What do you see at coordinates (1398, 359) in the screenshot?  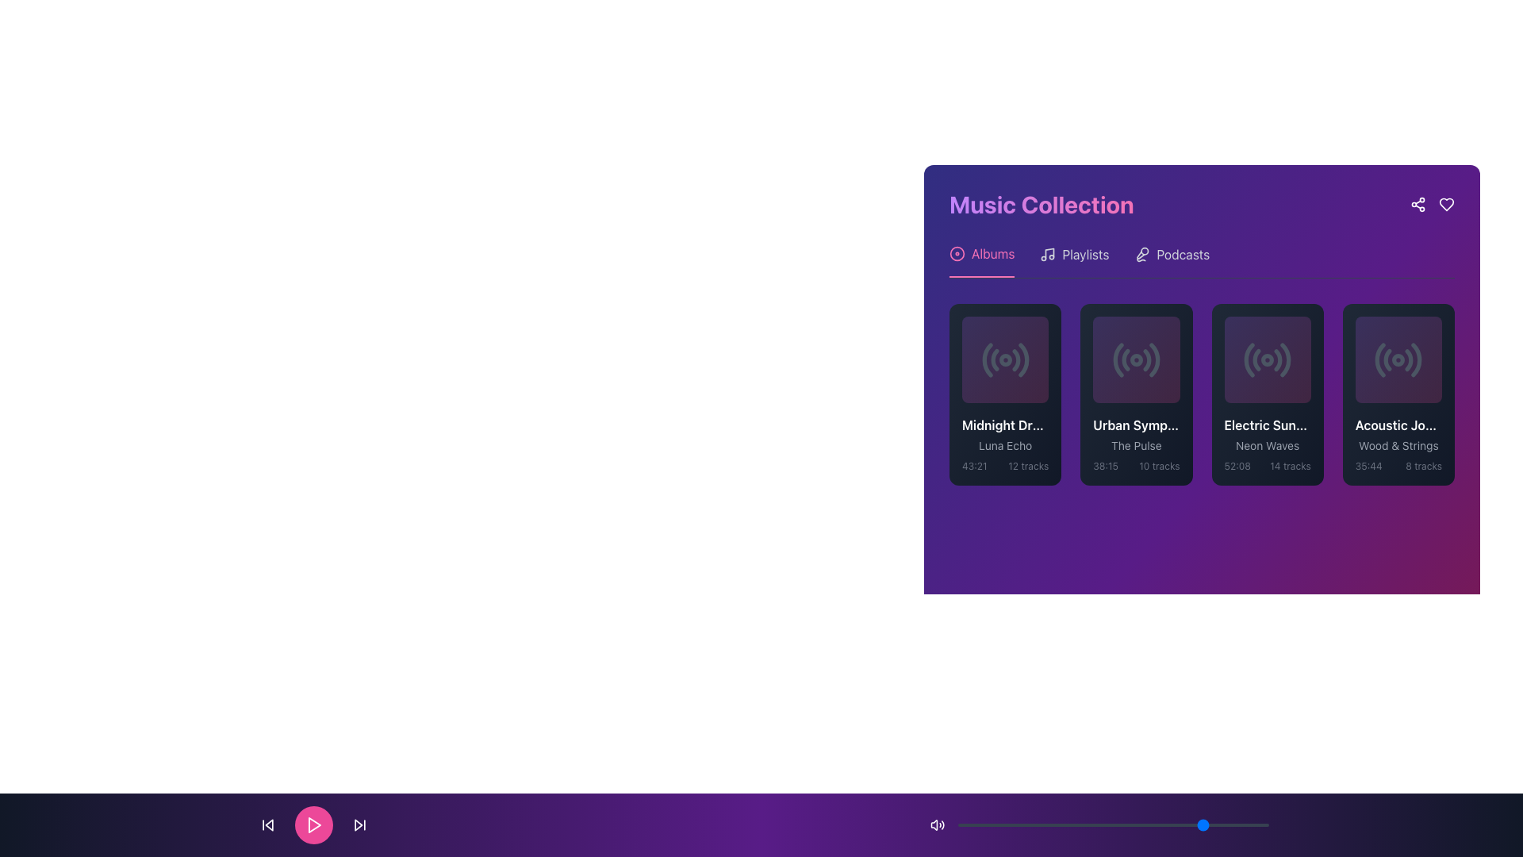 I see `the stylized radio icon located at the center of the highlighted album card titled 'Acoustic Journey'` at bounding box center [1398, 359].